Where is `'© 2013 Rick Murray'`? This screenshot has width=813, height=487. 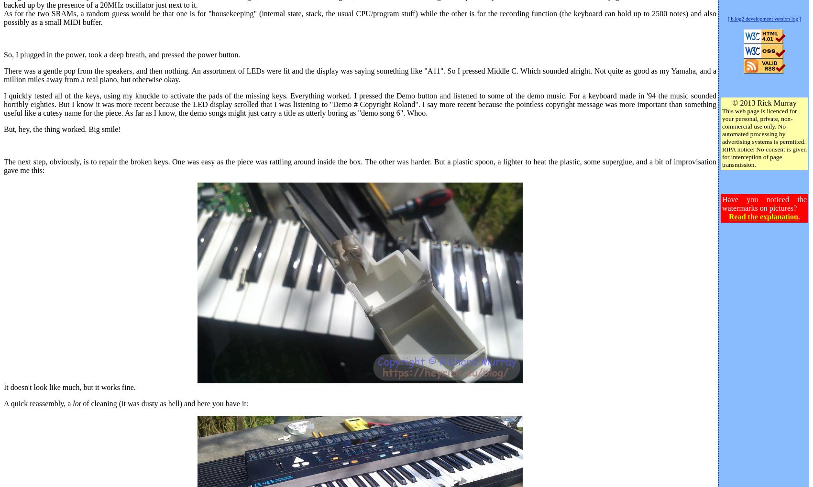 '© 2013 Rick Murray' is located at coordinates (764, 102).